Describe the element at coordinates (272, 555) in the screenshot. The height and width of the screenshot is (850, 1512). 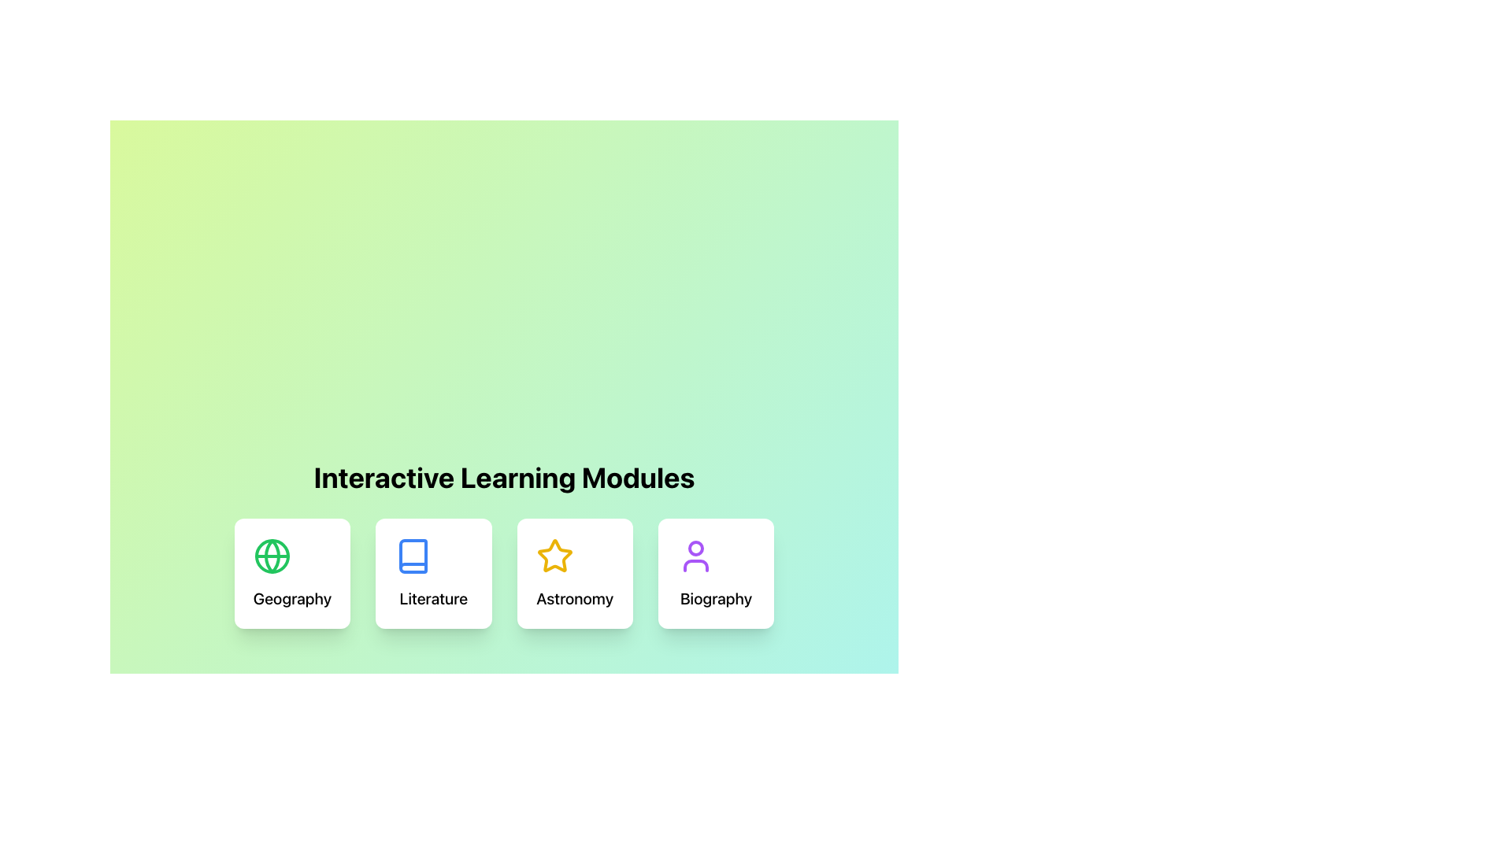
I see `the globe icon located in the top-left area of the Geography card, which is the first of four horizontally aligned cards` at that location.